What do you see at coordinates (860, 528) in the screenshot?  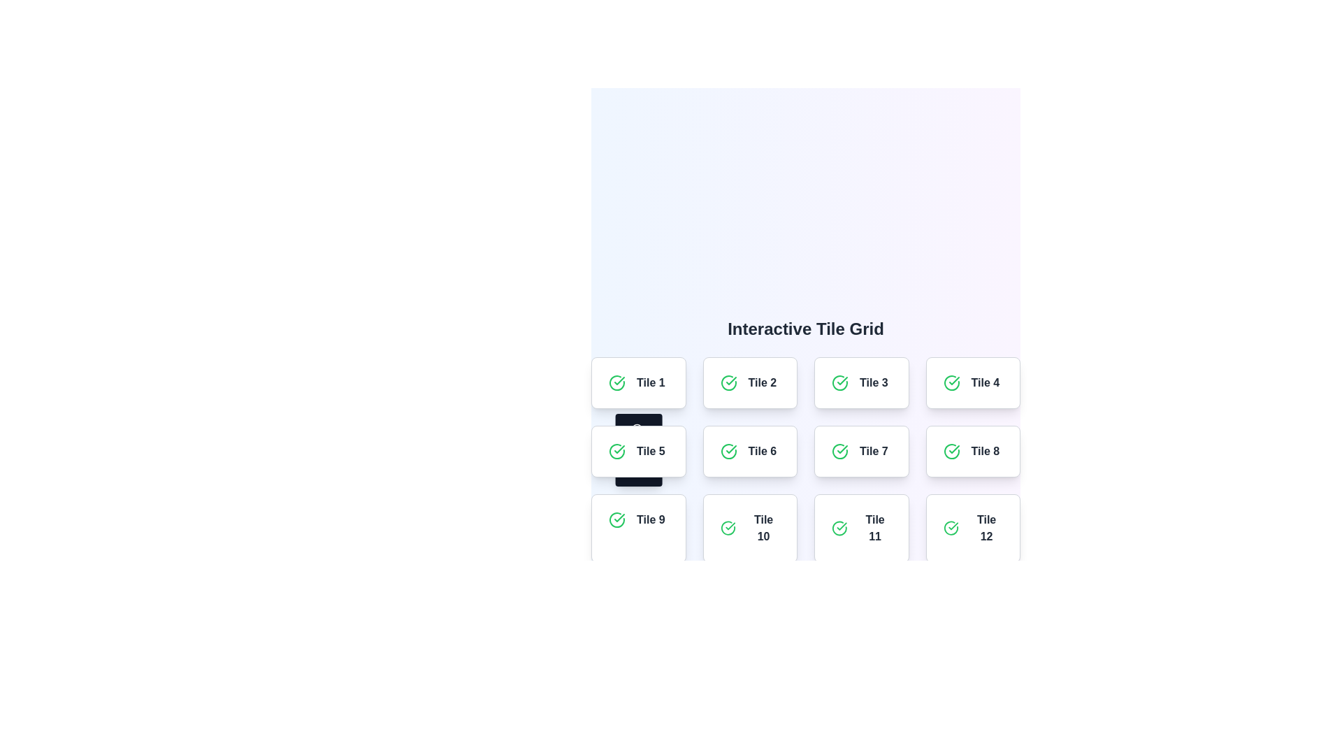 I see `the composite element consisting of an icon and text that serves as the label for the eleventh tile in the grid to interact with the tile` at bounding box center [860, 528].